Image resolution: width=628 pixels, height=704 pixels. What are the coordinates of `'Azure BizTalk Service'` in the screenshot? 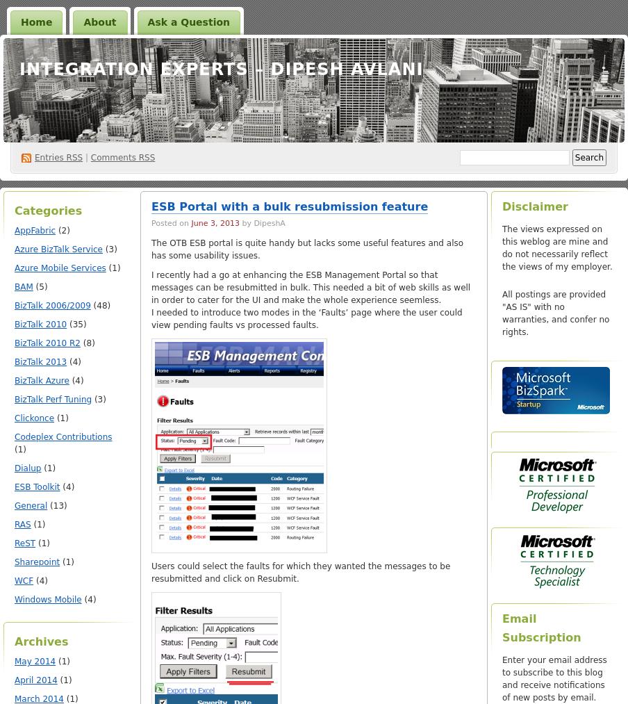 It's located at (58, 249).